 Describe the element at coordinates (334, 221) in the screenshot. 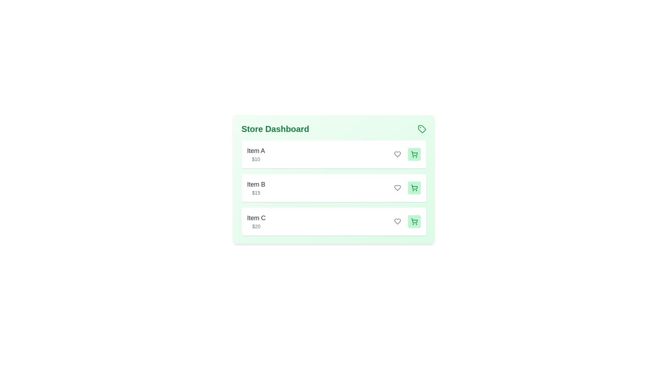

I see `the panel displaying information about 'Item C', which contains interactive buttons for adding the item to a wishlist or shopping cart, located at the bottom of the item list` at that location.